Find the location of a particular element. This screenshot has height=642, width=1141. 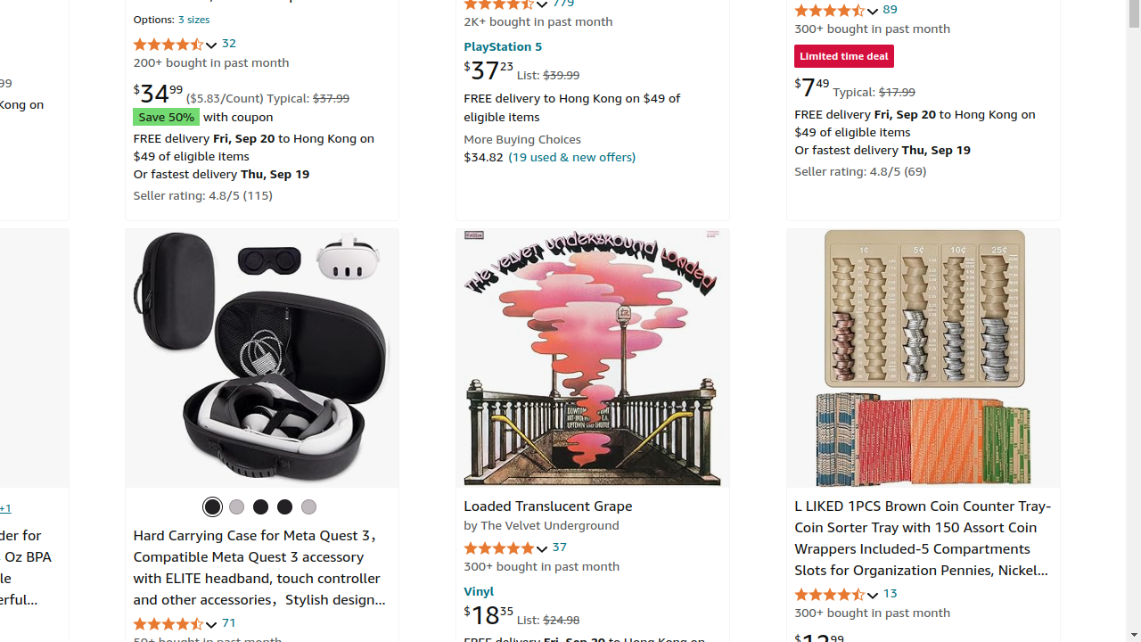

'13' is located at coordinates (890, 592).